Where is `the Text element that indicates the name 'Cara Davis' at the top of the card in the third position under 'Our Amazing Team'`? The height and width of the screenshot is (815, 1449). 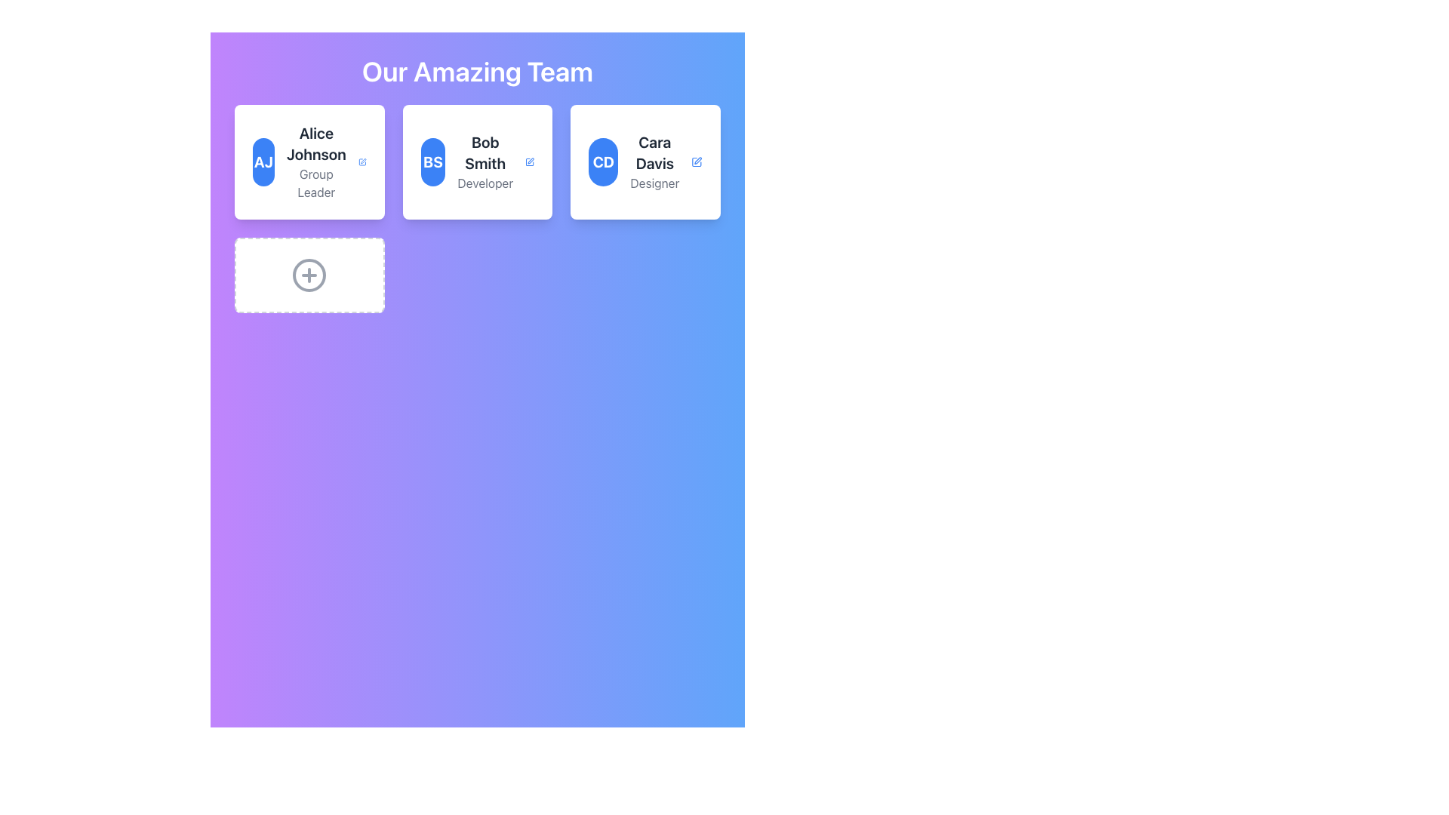
the Text element that indicates the name 'Cara Davis' at the top of the card in the third position under 'Our Amazing Team' is located at coordinates (654, 153).